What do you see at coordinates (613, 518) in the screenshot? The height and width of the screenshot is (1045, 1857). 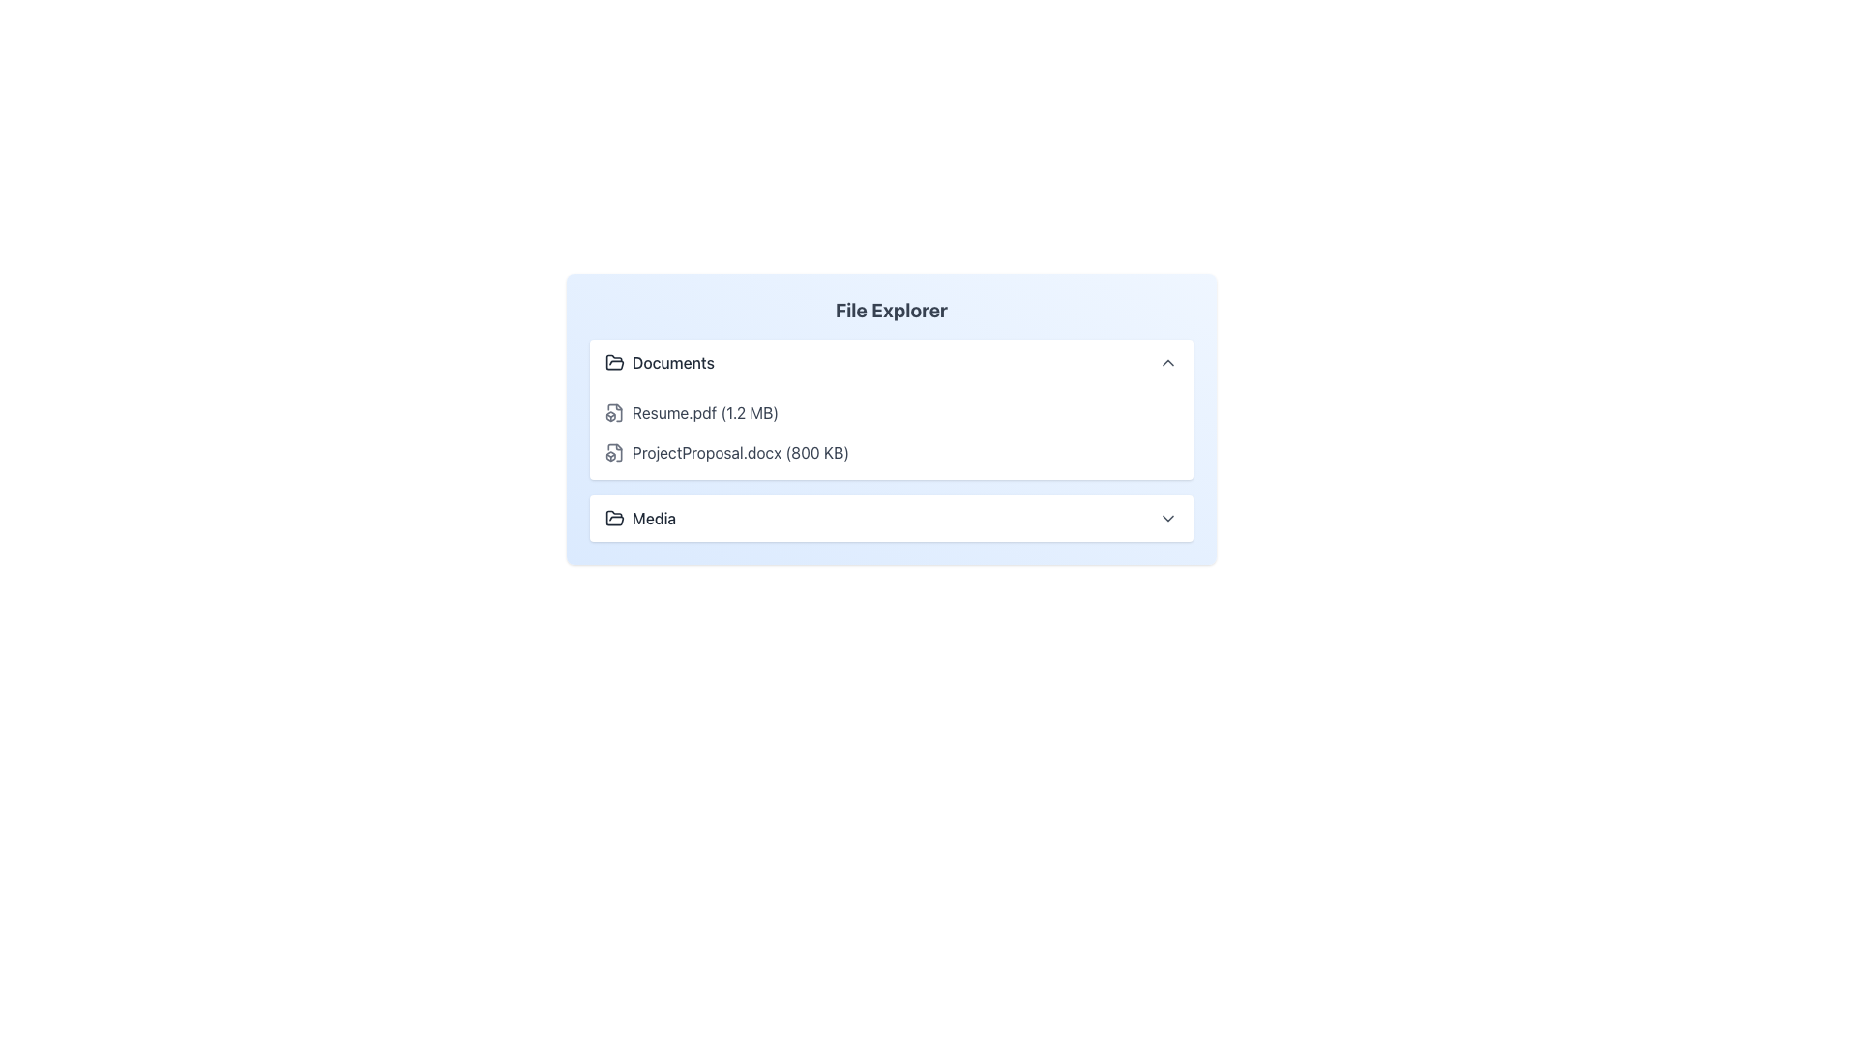 I see `the open folder icon located to the left of the 'Media' label` at bounding box center [613, 518].